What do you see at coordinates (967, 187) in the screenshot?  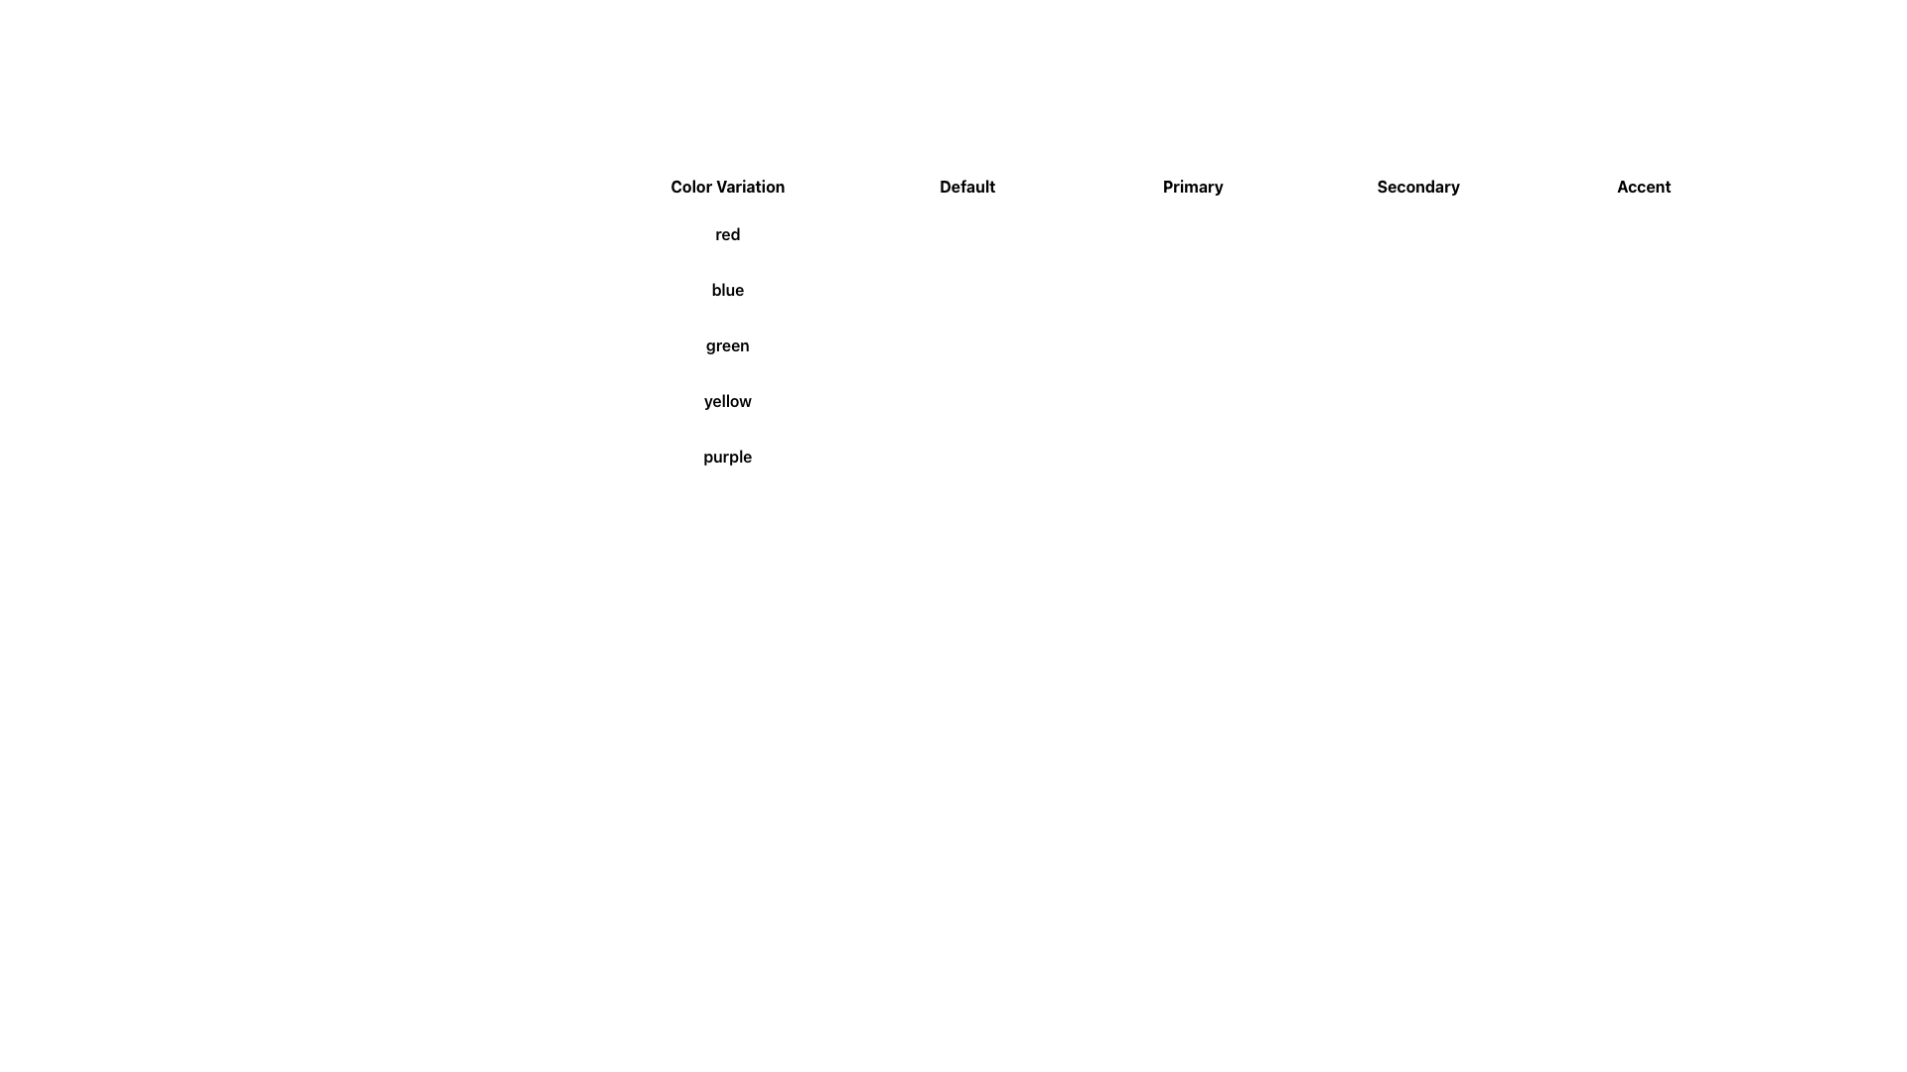 I see `the text label displaying 'Default'` at bounding box center [967, 187].